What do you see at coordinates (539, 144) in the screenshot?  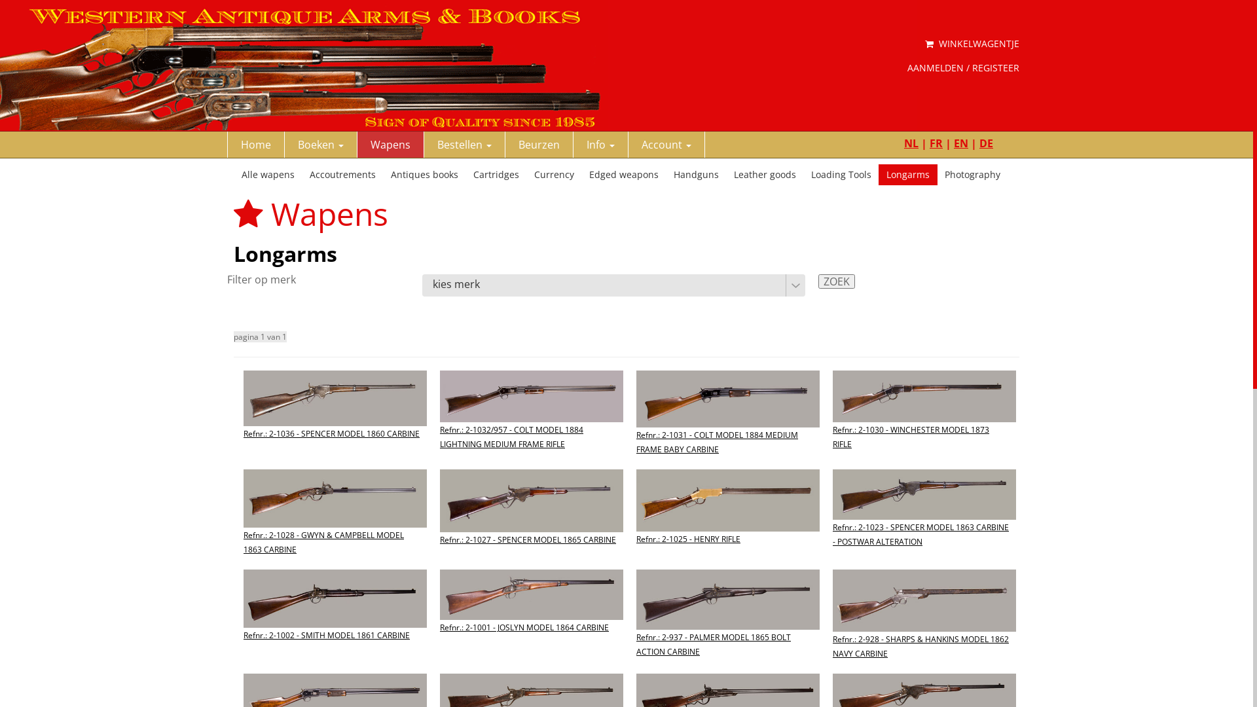 I see `'Beurzen'` at bounding box center [539, 144].